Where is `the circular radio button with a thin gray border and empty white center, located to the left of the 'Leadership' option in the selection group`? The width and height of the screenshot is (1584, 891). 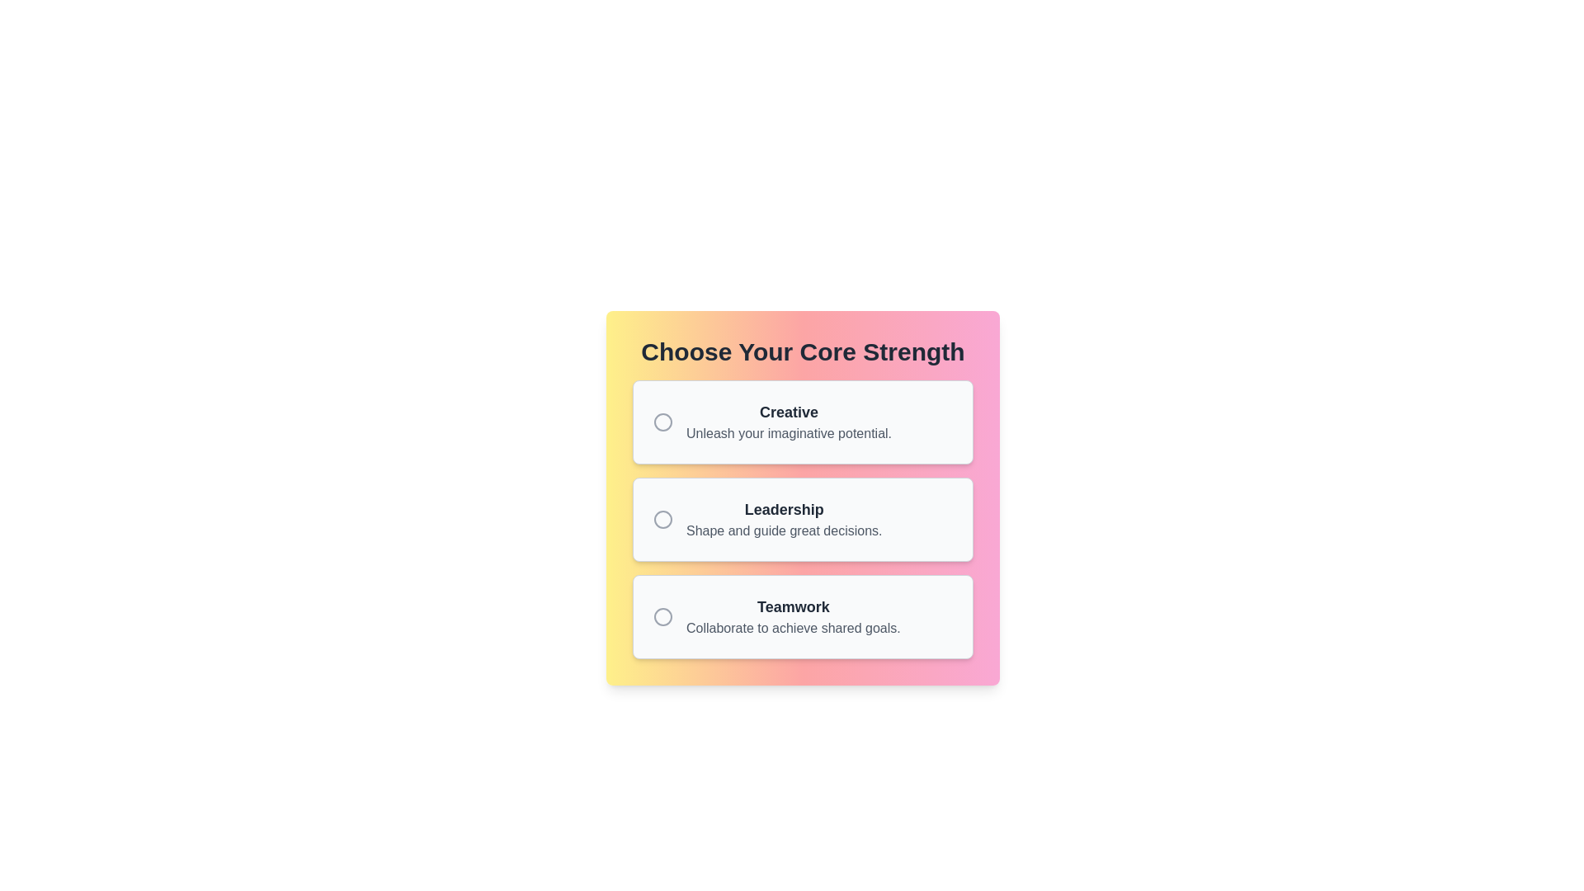 the circular radio button with a thin gray border and empty white center, located to the left of the 'Leadership' option in the selection group is located at coordinates (663, 518).